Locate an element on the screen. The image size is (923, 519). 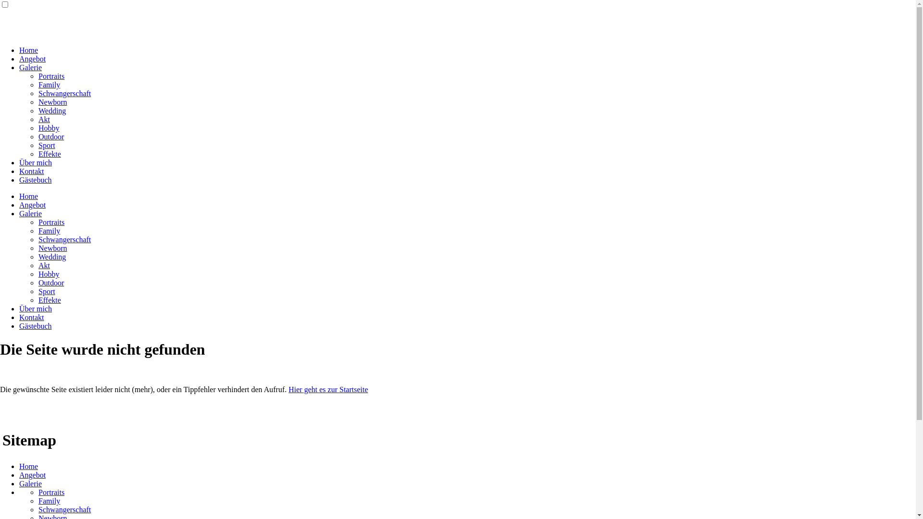
'Outdoor' is located at coordinates (50, 136).